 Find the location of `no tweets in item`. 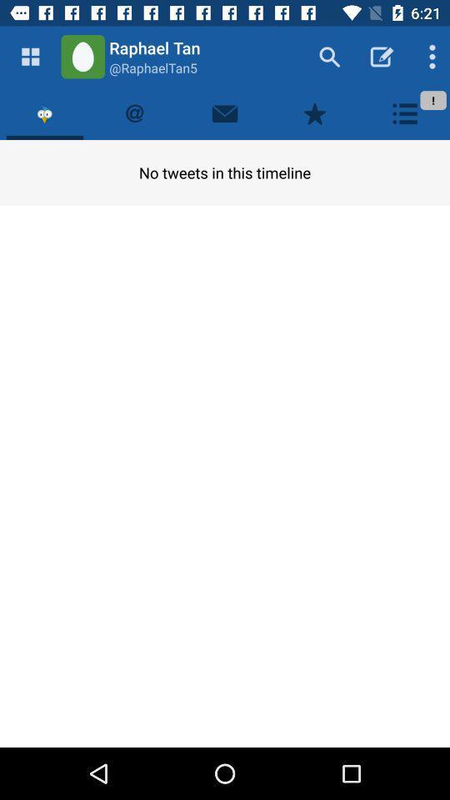

no tweets in item is located at coordinates (225, 172).